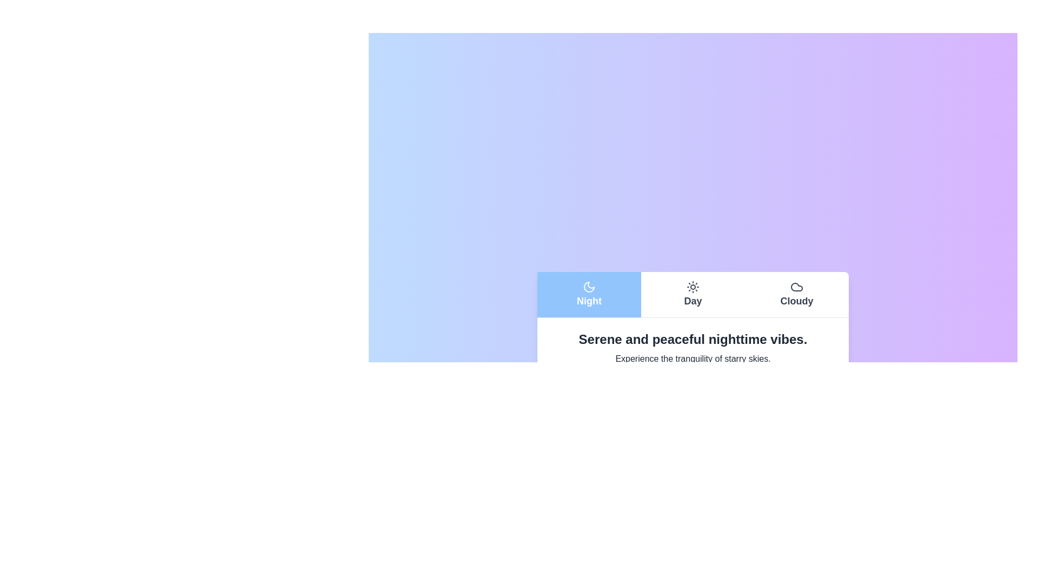 The width and height of the screenshot is (1038, 584). What do you see at coordinates (796, 294) in the screenshot?
I see `the Cloudy tab to observe its hover effect` at bounding box center [796, 294].